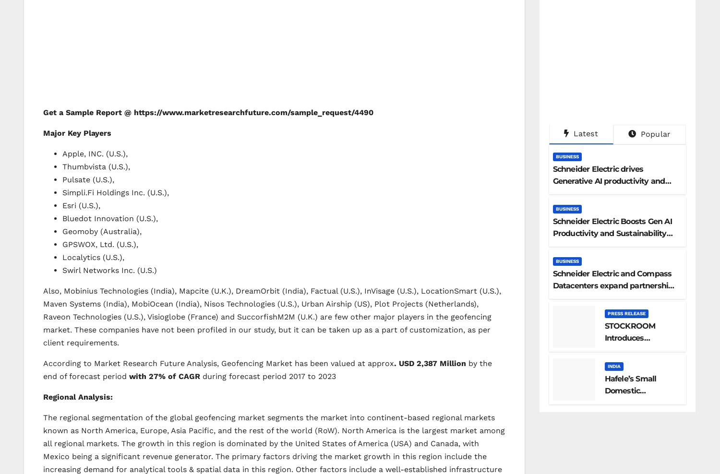 This screenshot has height=474, width=720. Describe the element at coordinates (99, 243) in the screenshot. I see `'GPSWOX, Ltd. (U.S.),'` at that location.